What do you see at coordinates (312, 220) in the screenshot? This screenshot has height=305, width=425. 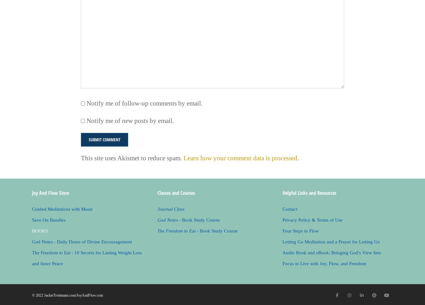 I see `'Privacy Policy & Terms of Use'` at bounding box center [312, 220].